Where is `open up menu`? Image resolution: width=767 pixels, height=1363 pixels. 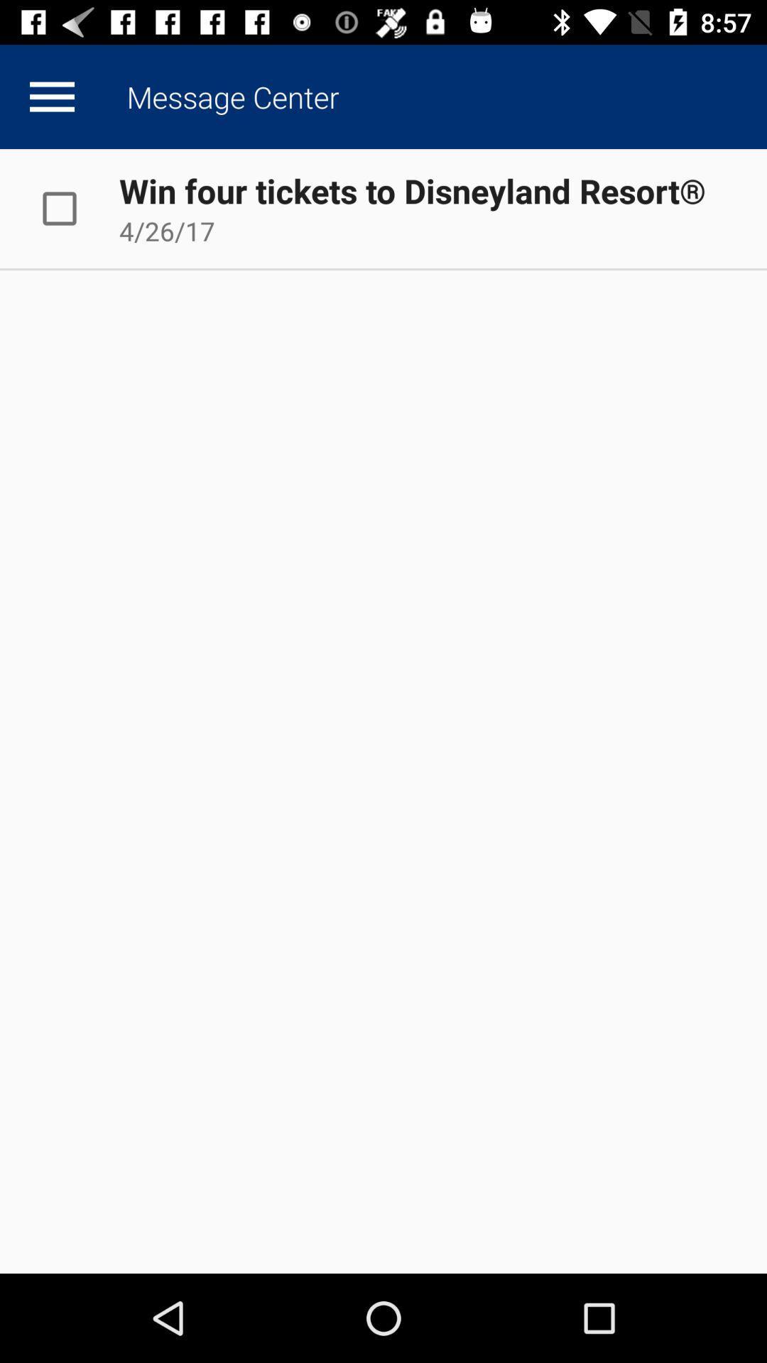
open up menu is located at coordinates (51, 96).